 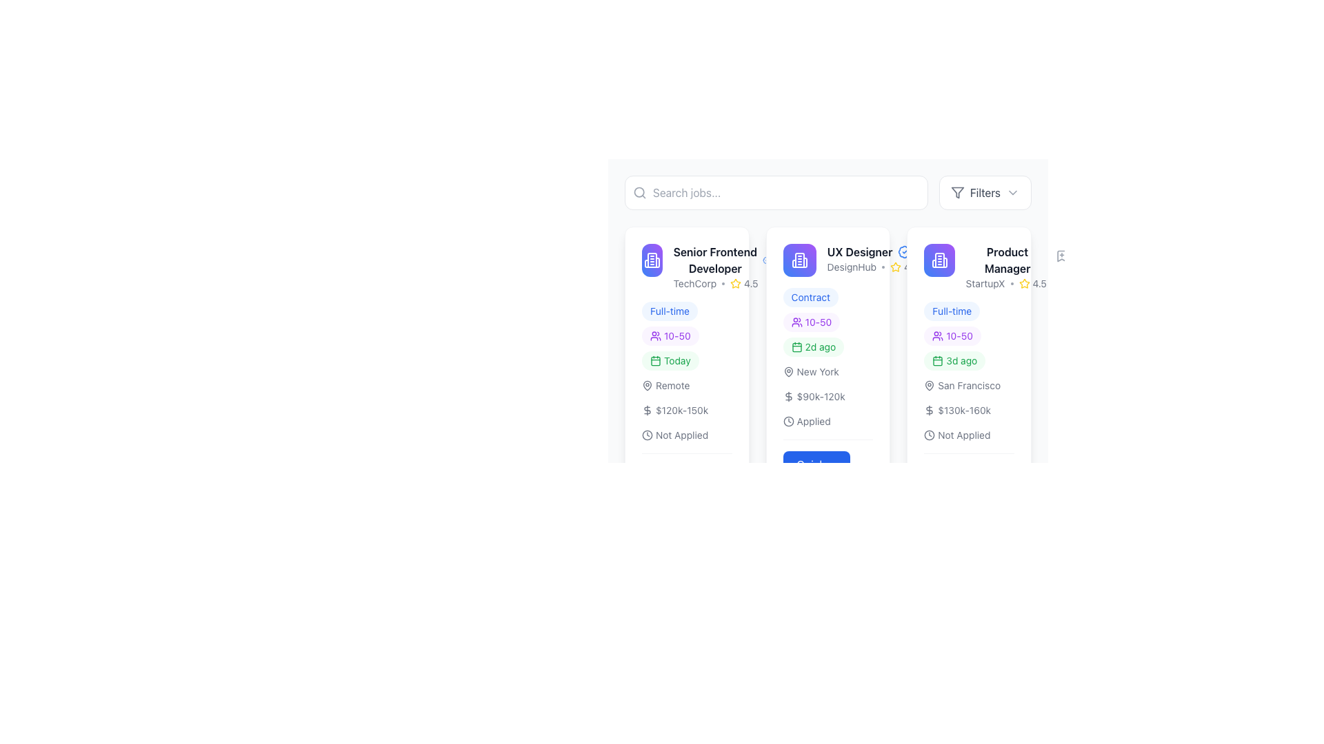 What do you see at coordinates (639, 193) in the screenshot?
I see `the search icon located inside the search bar, to the left of the 'Search jobs...' input field` at bounding box center [639, 193].